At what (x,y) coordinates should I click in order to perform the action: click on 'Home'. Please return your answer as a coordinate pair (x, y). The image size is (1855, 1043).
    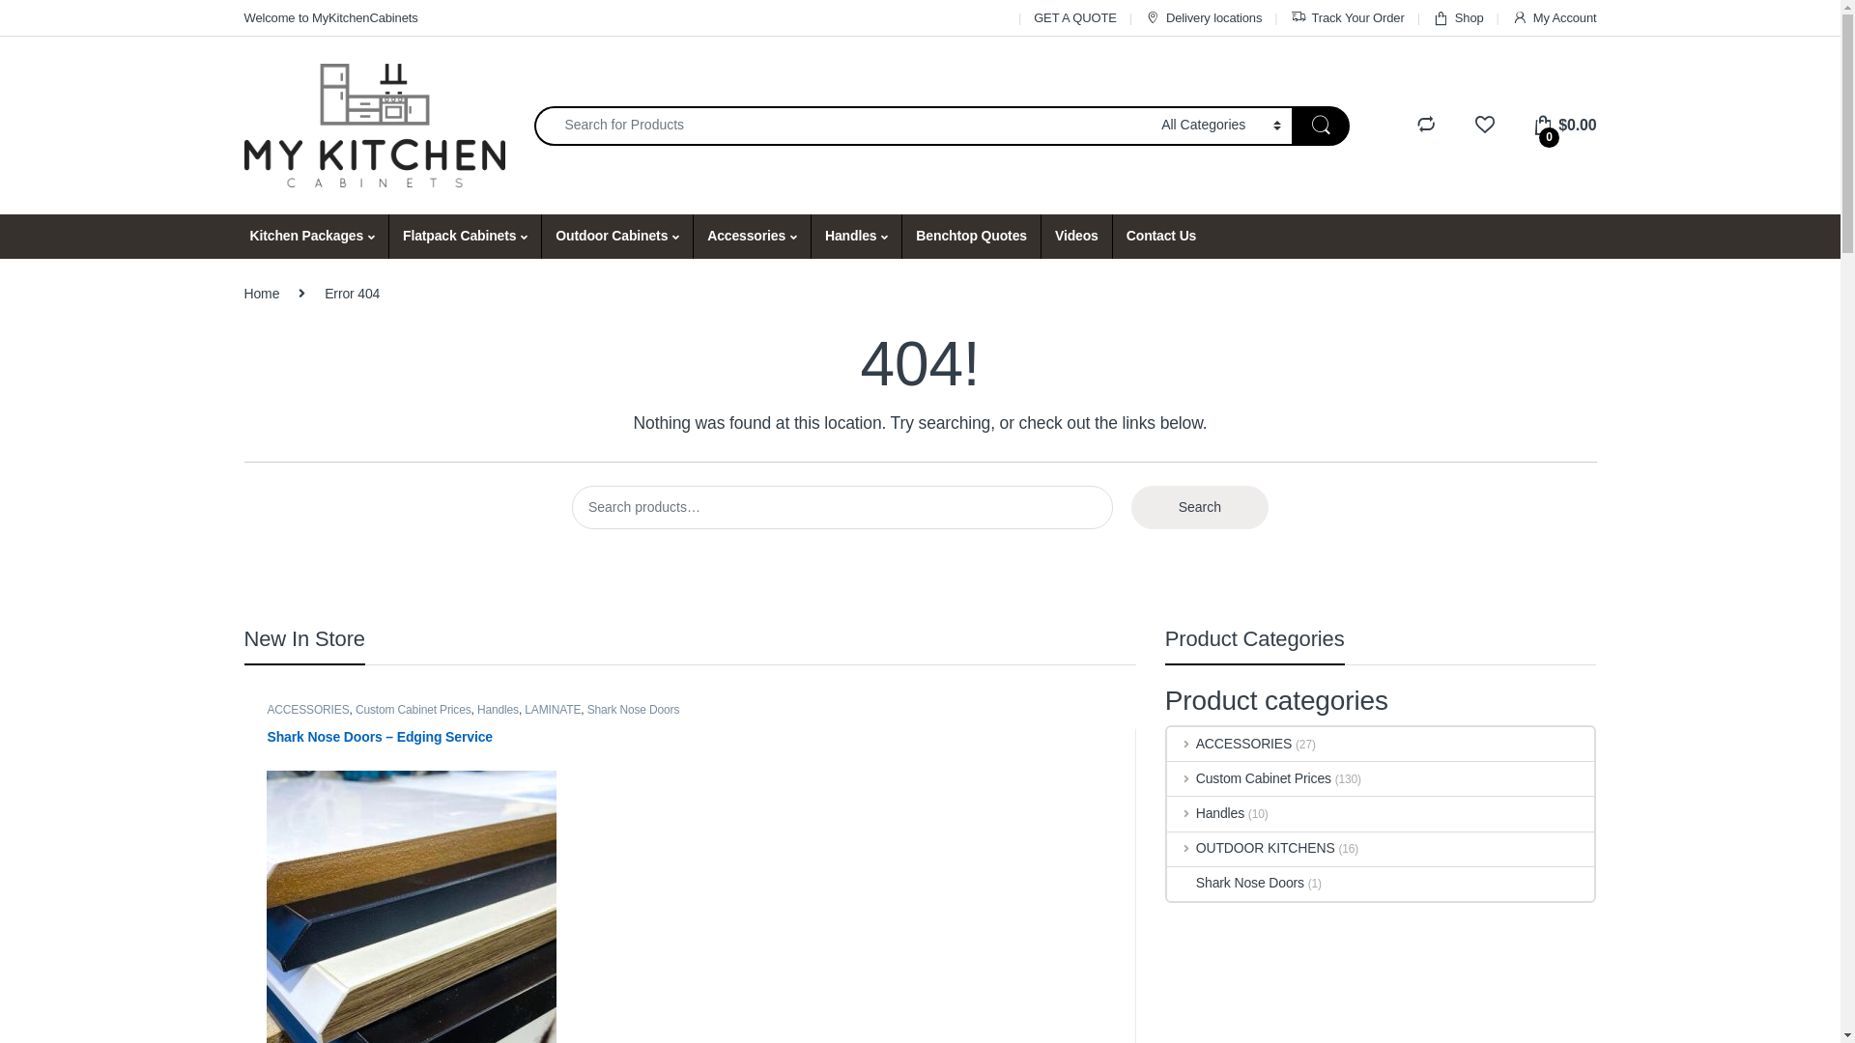
    Looking at the image, I should click on (260, 294).